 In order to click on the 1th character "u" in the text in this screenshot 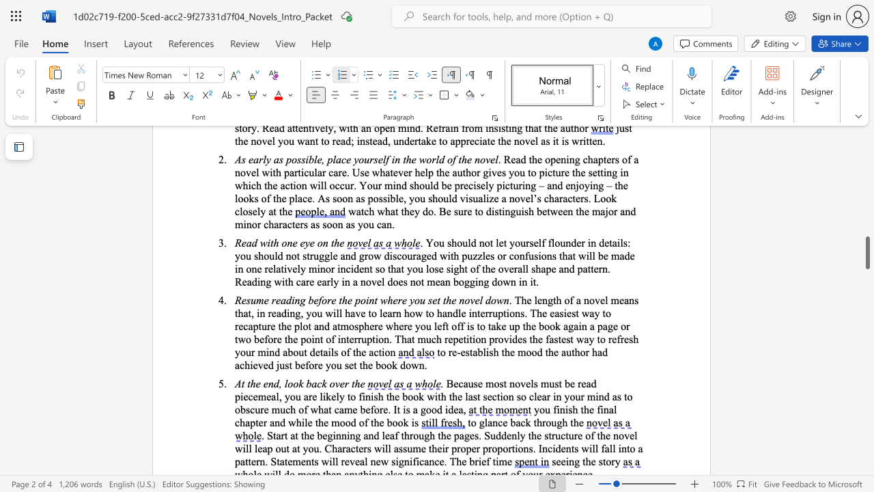, I will do `click(554, 422)`.